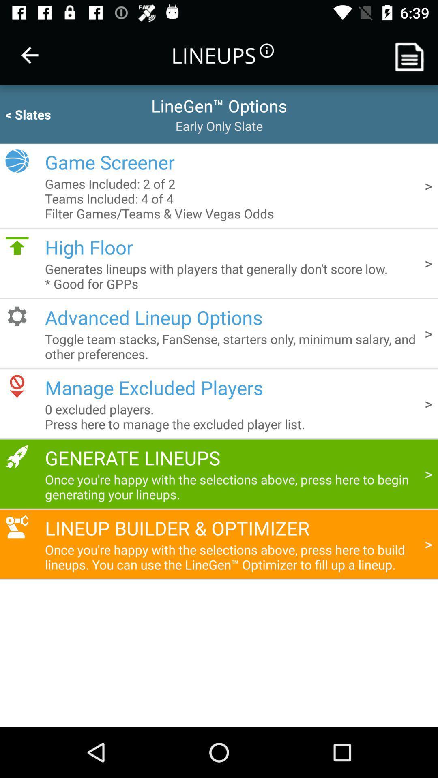  What do you see at coordinates (44, 114) in the screenshot?
I see `< slates icon` at bounding box center [44, 114].